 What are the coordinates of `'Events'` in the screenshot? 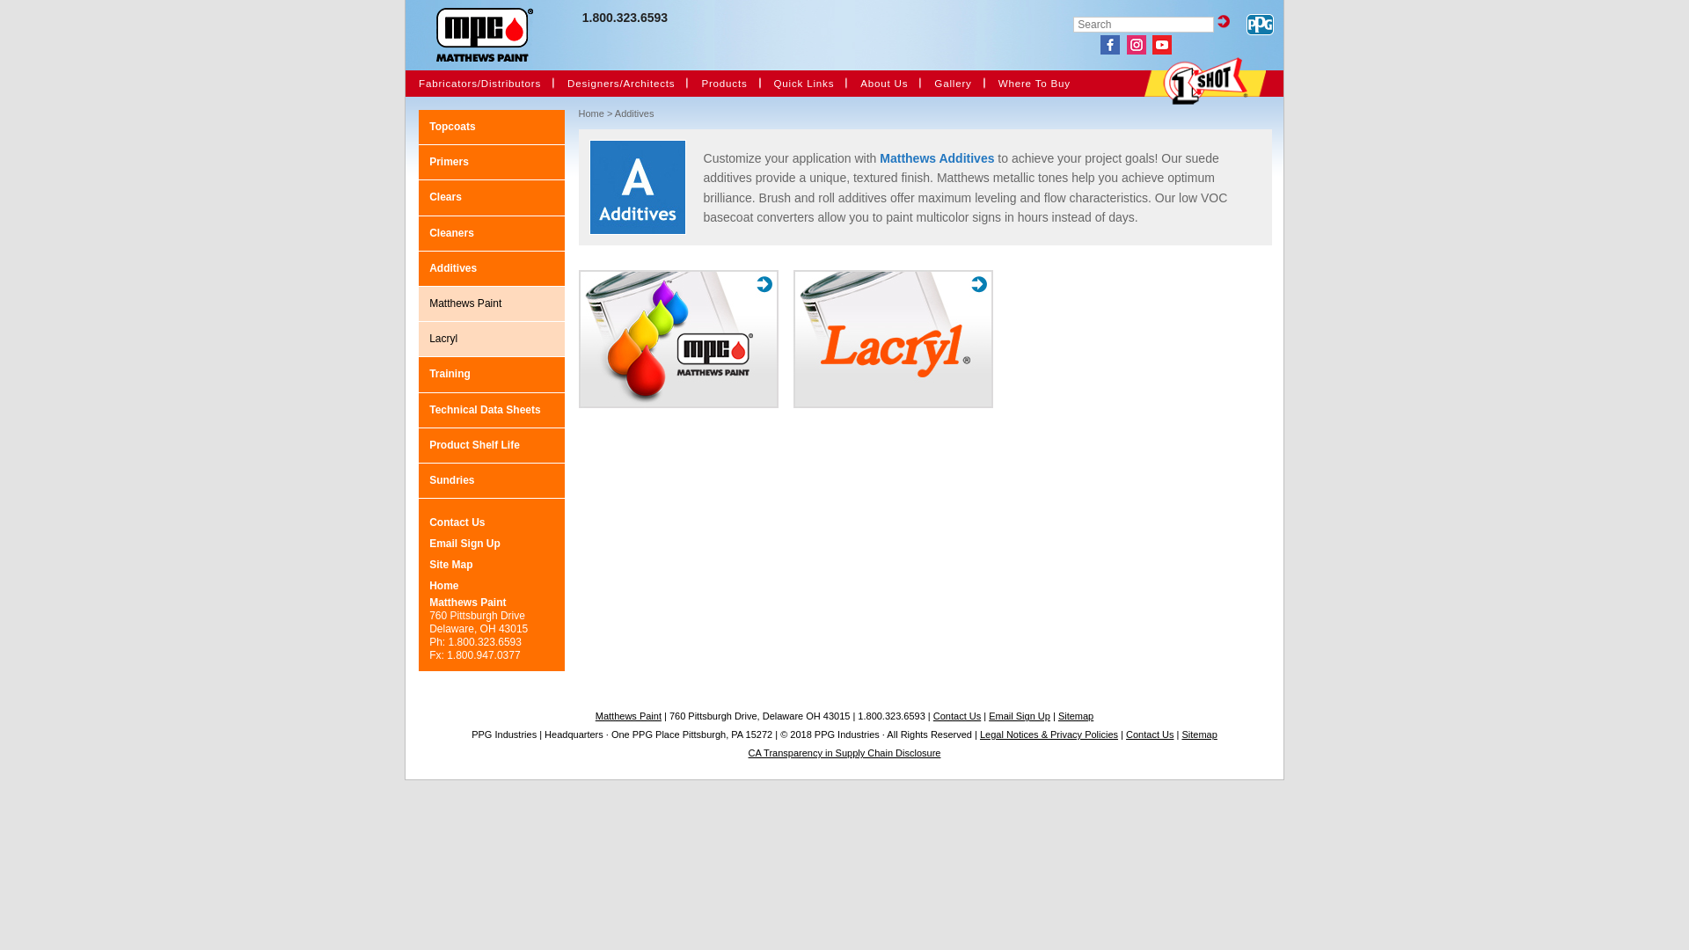 It's located at (860, 112).